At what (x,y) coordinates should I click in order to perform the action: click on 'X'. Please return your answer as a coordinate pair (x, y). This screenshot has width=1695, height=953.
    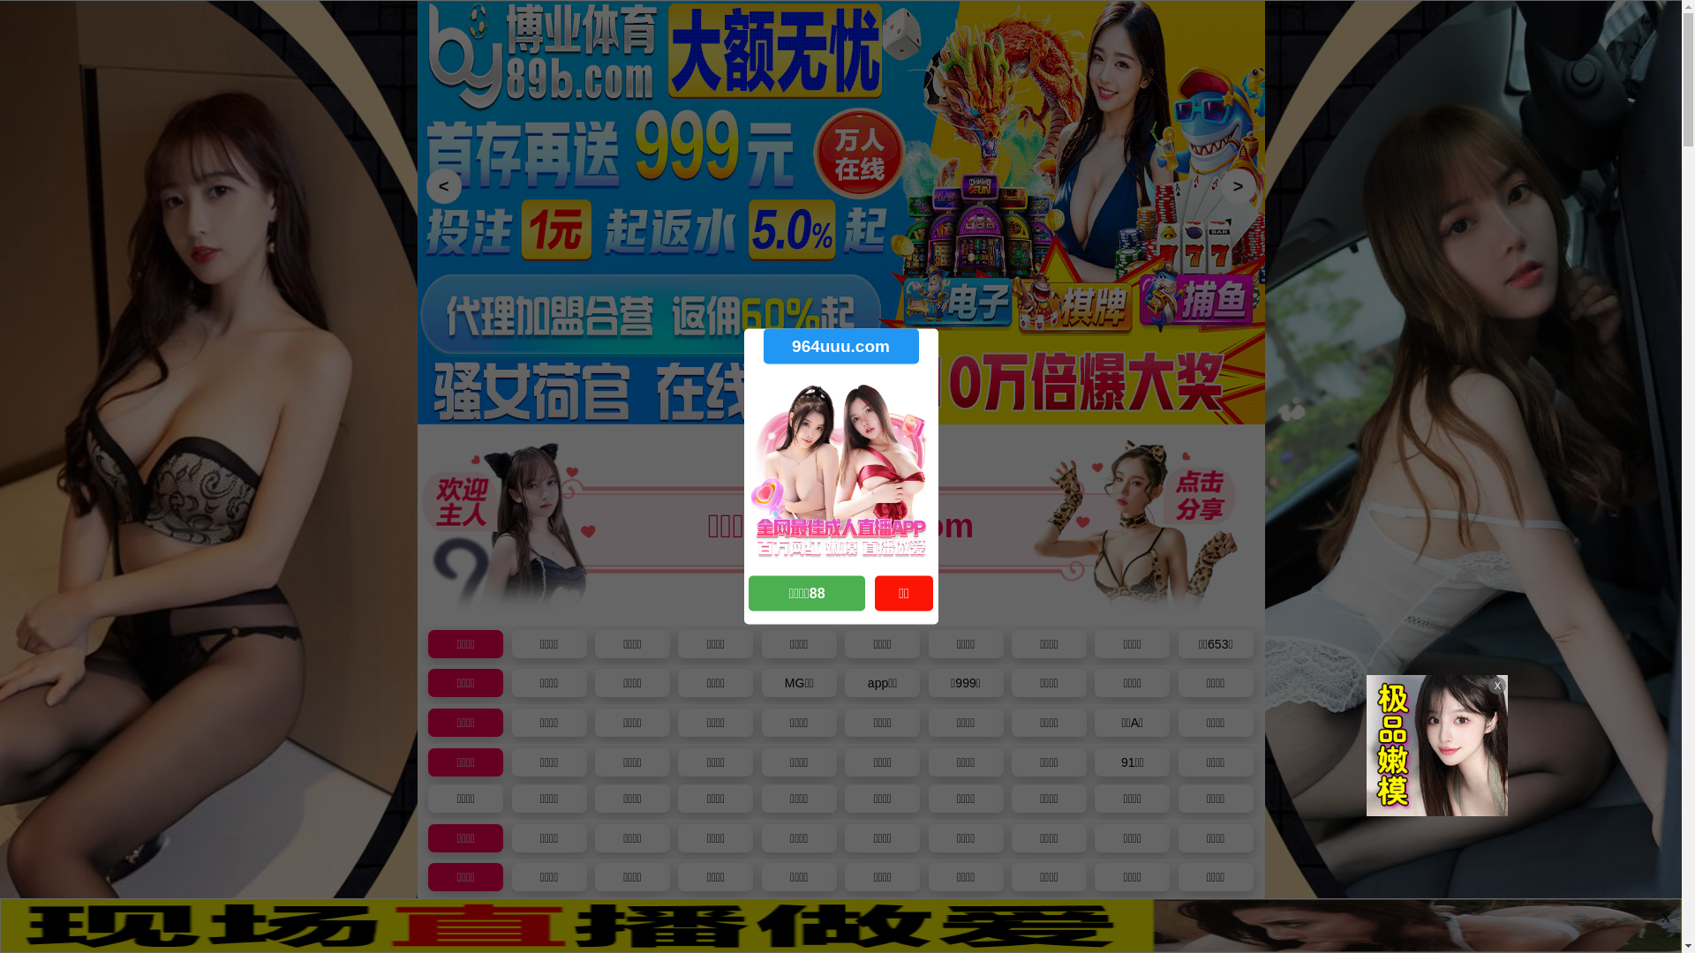
    Looking at the image, I should click on (1664, 918).